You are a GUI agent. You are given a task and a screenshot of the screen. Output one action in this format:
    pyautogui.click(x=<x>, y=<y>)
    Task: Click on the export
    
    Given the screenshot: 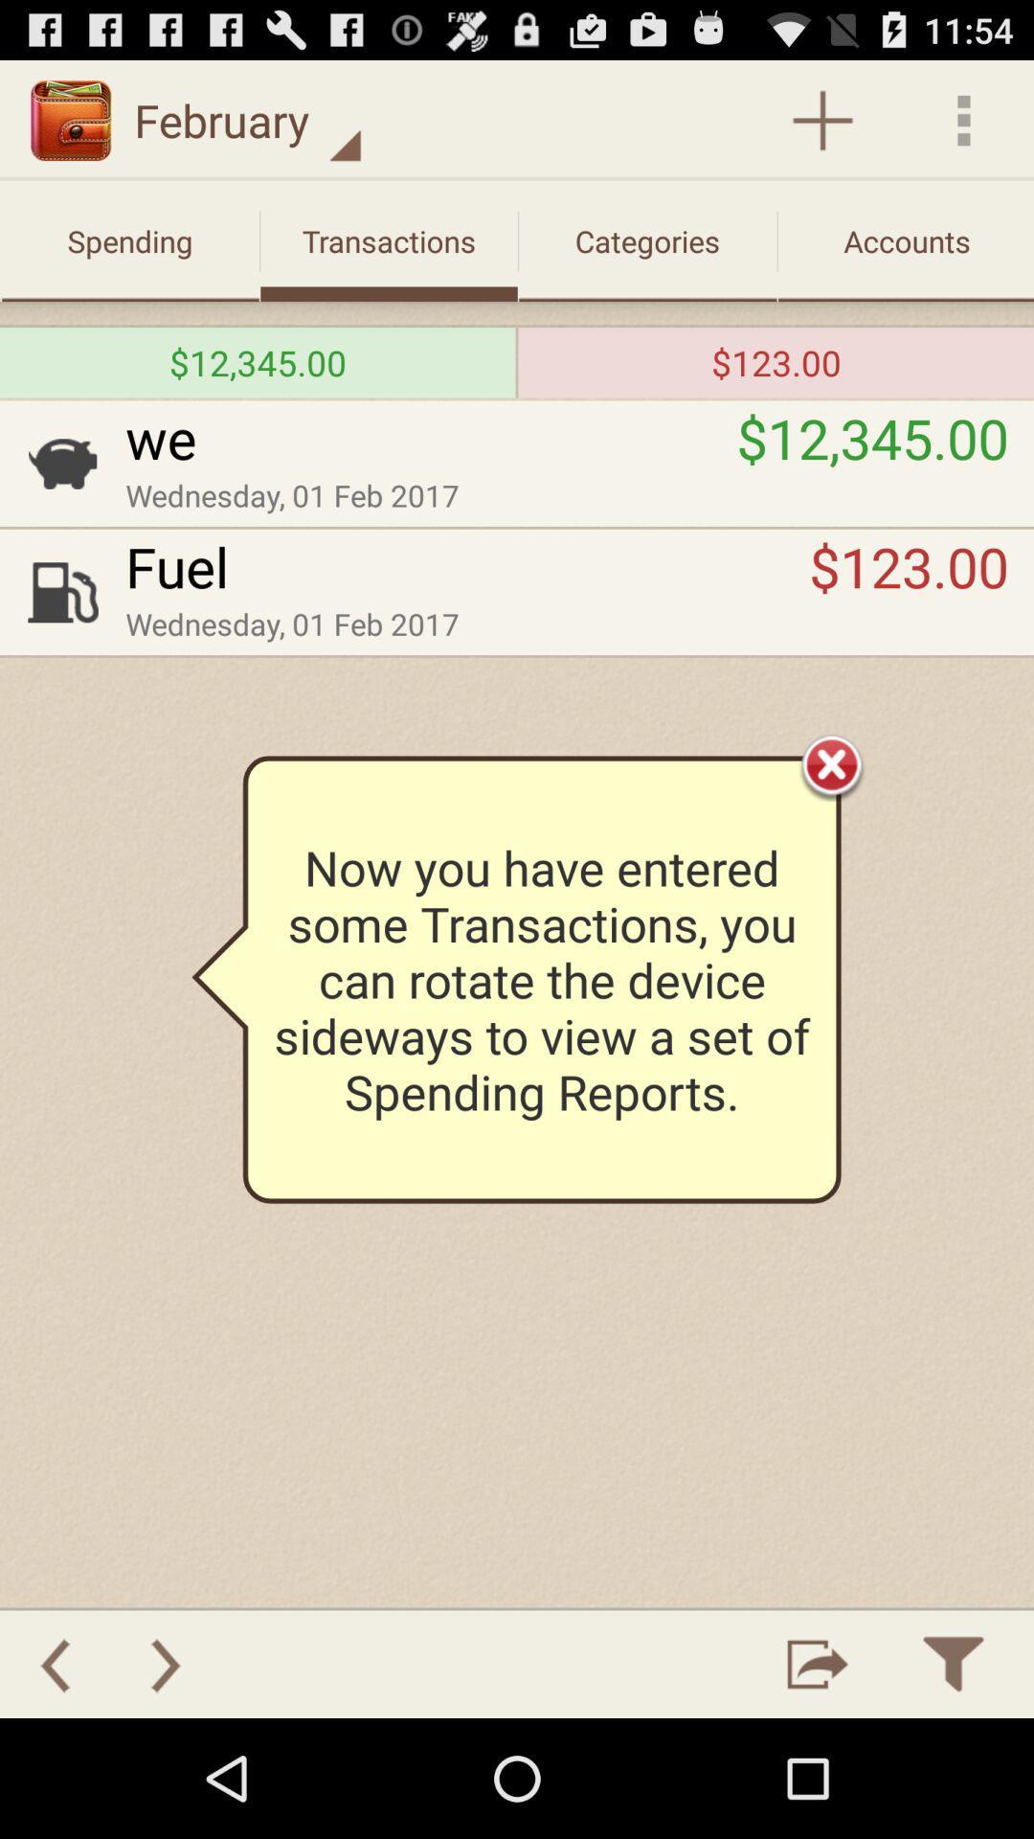 What is the action you would take?
    pyautogui.click(x=818, y=1663)
    